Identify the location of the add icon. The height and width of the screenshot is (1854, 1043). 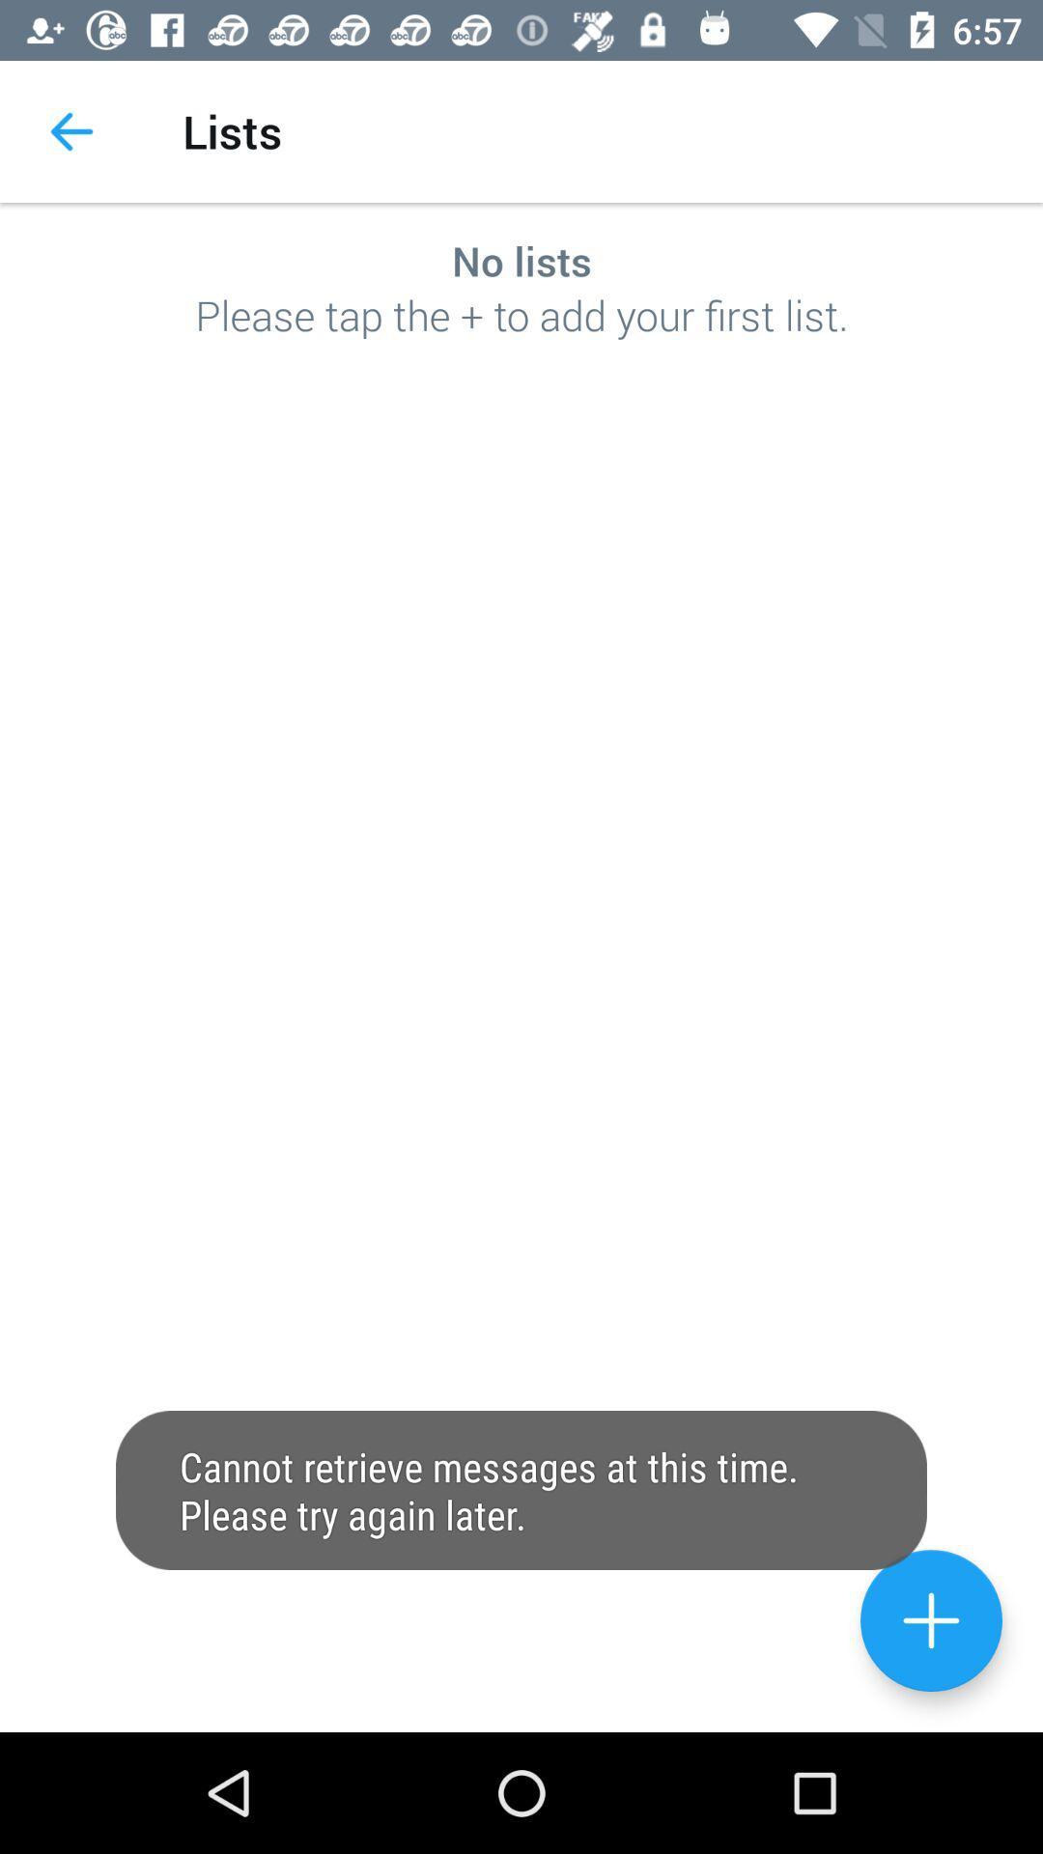
(930, 1620).